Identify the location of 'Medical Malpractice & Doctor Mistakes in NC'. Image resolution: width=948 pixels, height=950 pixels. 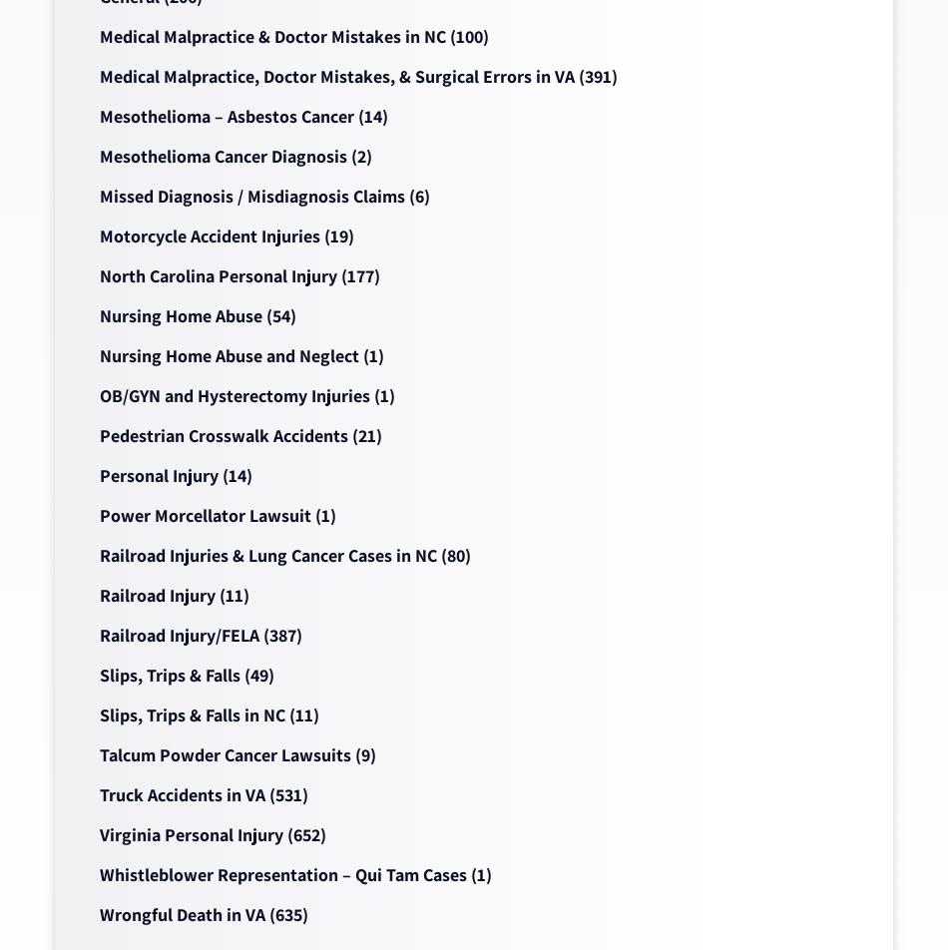
(271, 36).